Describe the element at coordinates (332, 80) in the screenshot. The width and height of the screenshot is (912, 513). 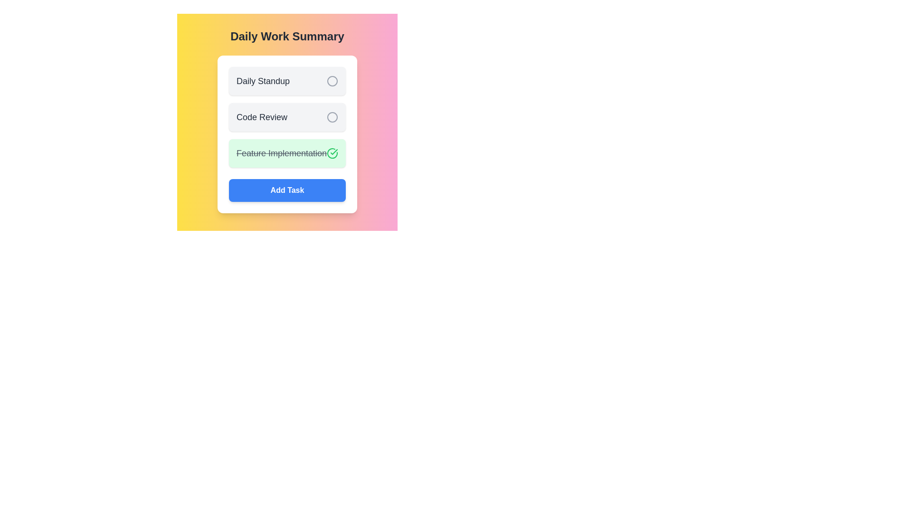
I see `the toggle button for the task 'Daily Standup' to change its completion status` at that location.